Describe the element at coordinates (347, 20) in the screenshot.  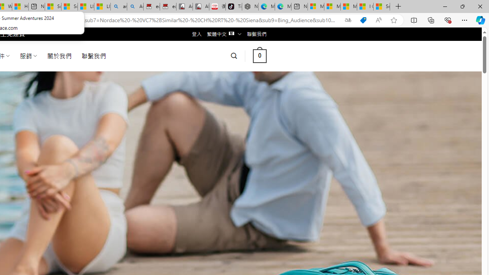
I see `'Show translate options'` at that location.